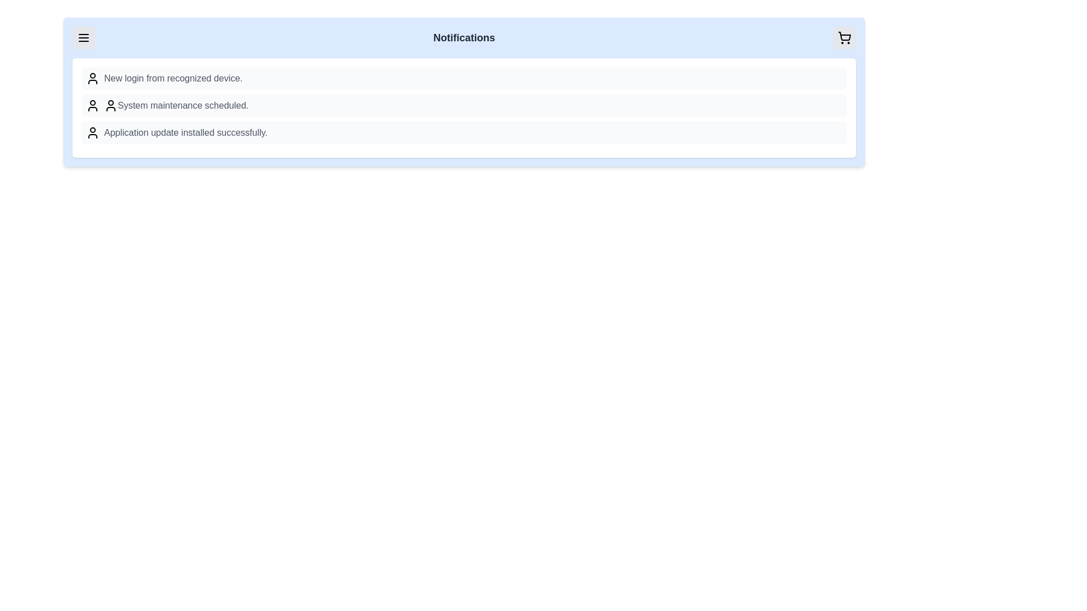 This screenshot has height=611, width=1087. What do you see at coordinates (464, 37) in the screenshot?
I see `the 'Notifications' header element, which is a bold dark gray text centered on a light blue background at the top of the notifications module` at bounding box center [464, 37].